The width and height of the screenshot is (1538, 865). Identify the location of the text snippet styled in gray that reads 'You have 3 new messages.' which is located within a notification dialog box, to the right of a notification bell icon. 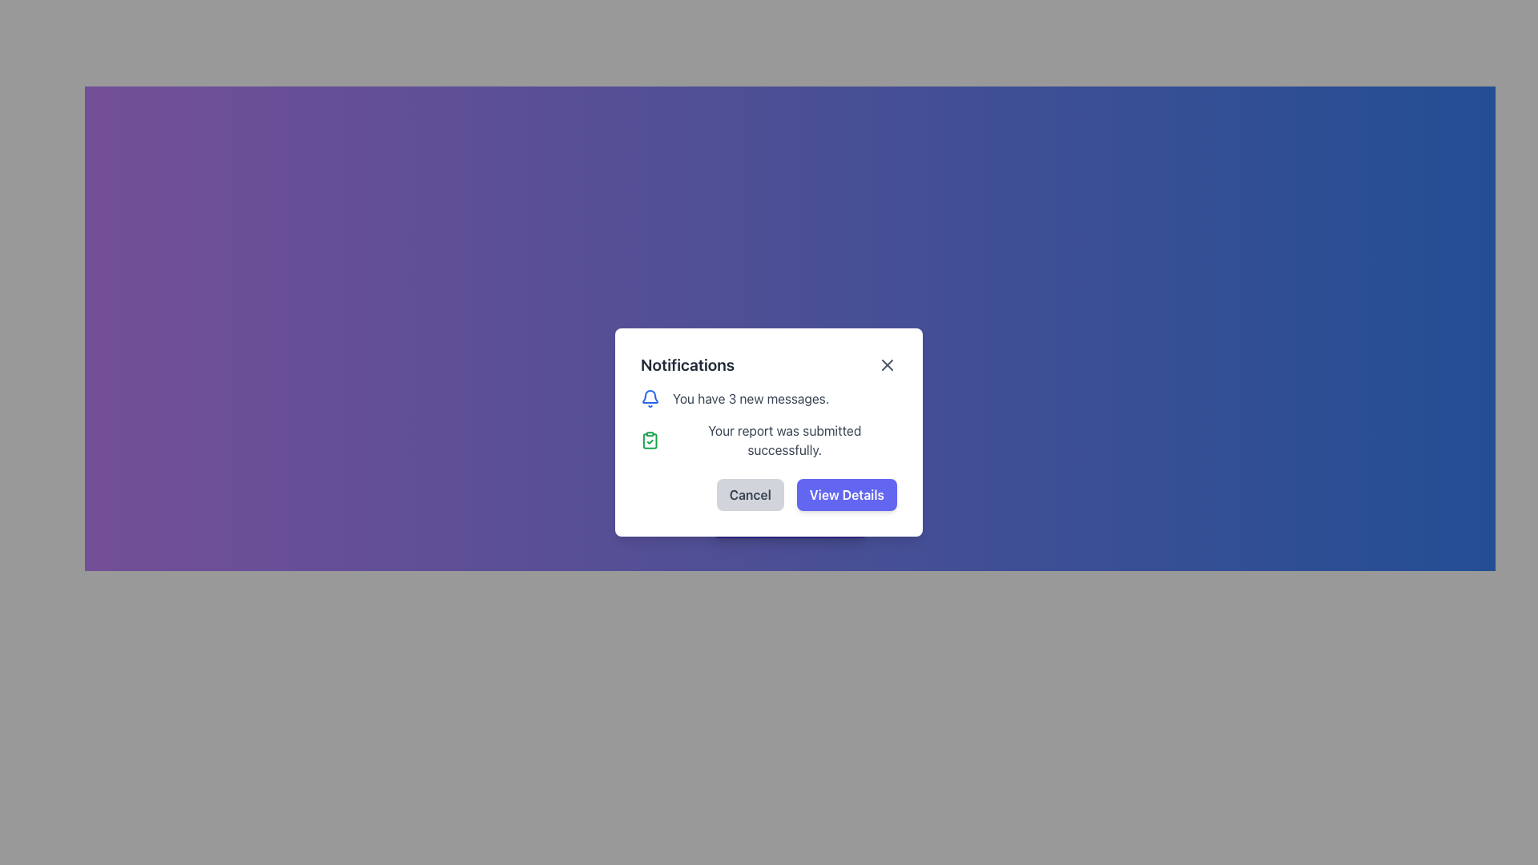
(750, 397).